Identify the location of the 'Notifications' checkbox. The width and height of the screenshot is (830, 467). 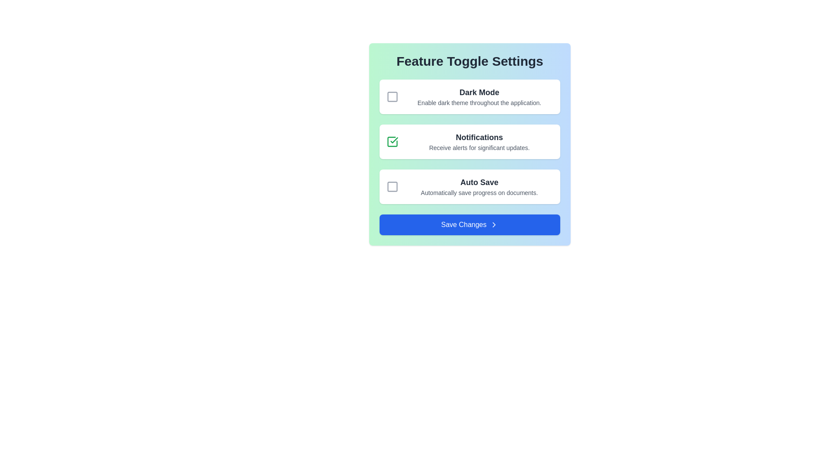
(392, 141).